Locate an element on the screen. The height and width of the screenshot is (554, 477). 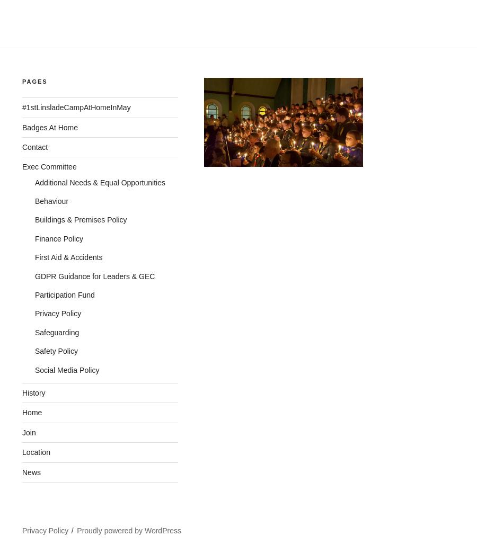
'Behaviour' is located at coordinates (51, 201).